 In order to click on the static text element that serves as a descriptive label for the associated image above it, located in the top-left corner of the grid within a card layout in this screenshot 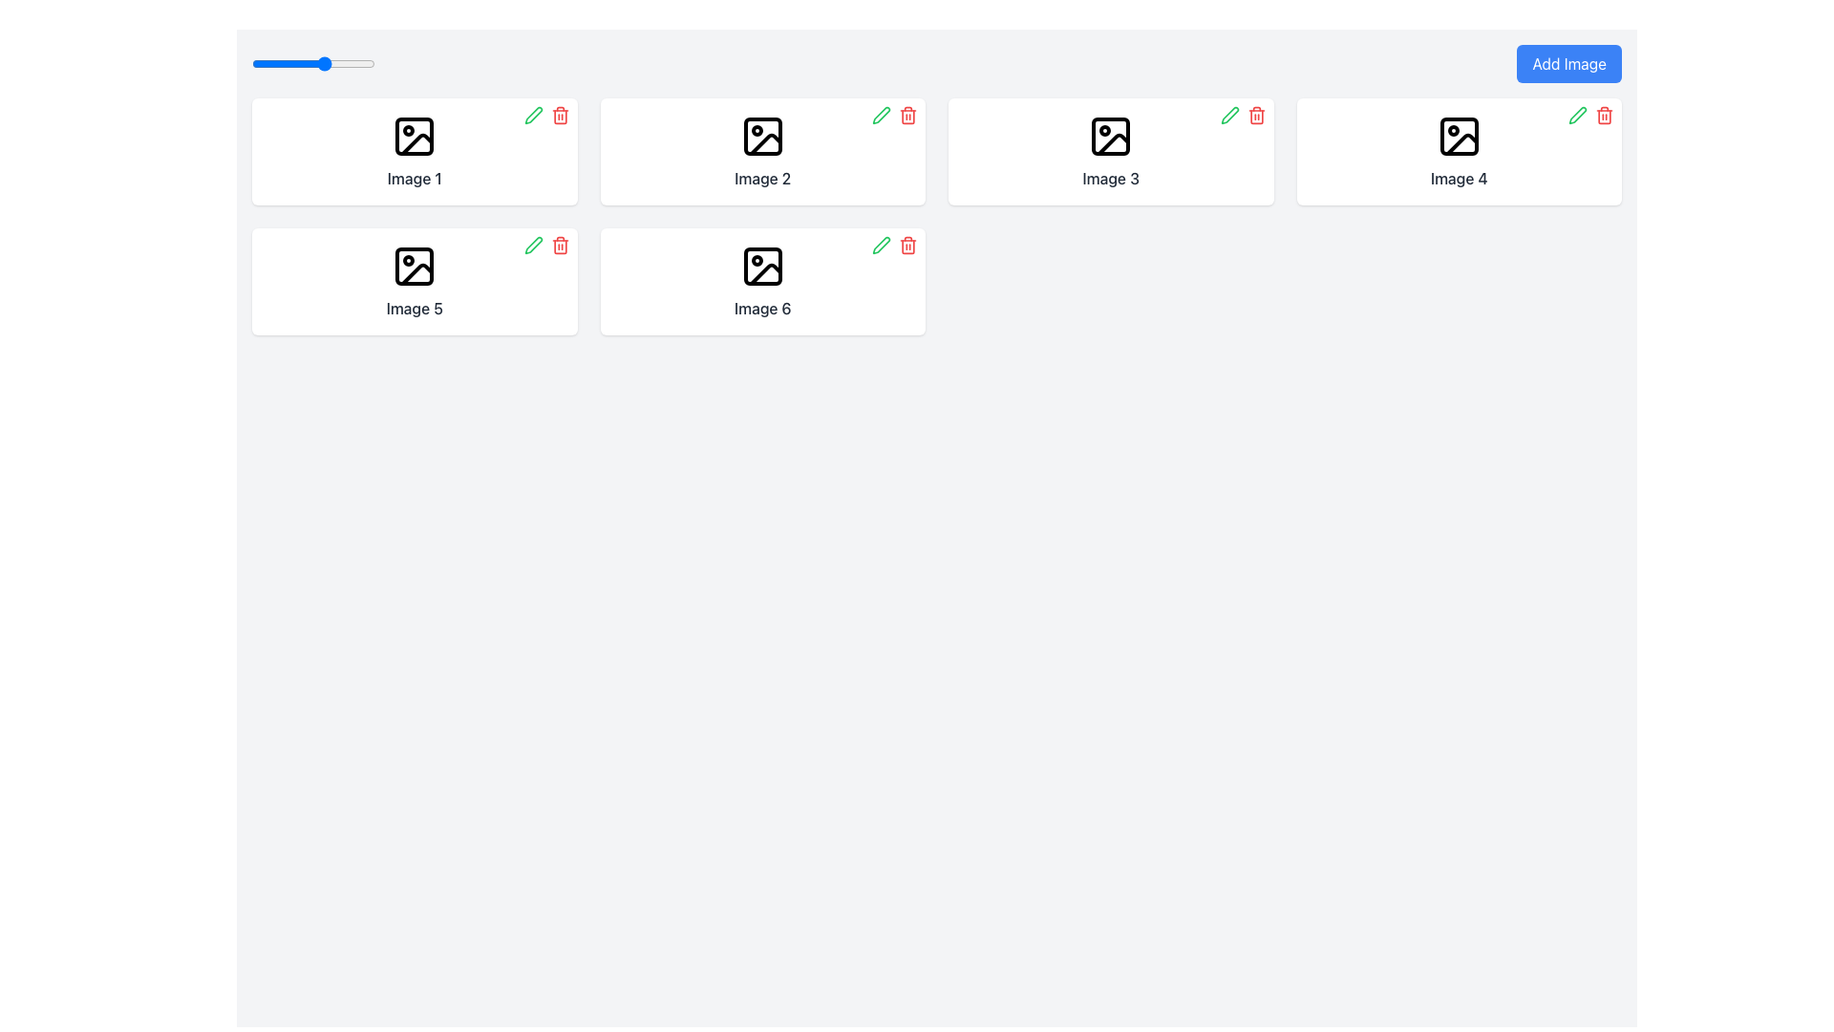, I will do `click(414, 178)`.